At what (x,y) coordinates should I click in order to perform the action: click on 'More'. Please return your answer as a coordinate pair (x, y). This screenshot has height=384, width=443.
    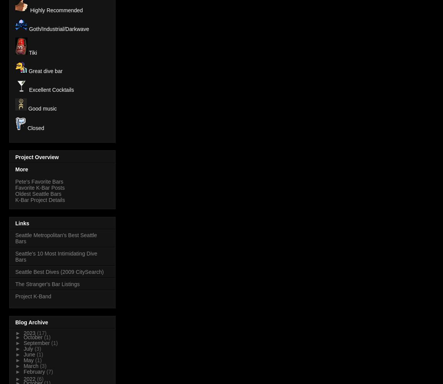
    Looking at the image, I should click on (21, 168).